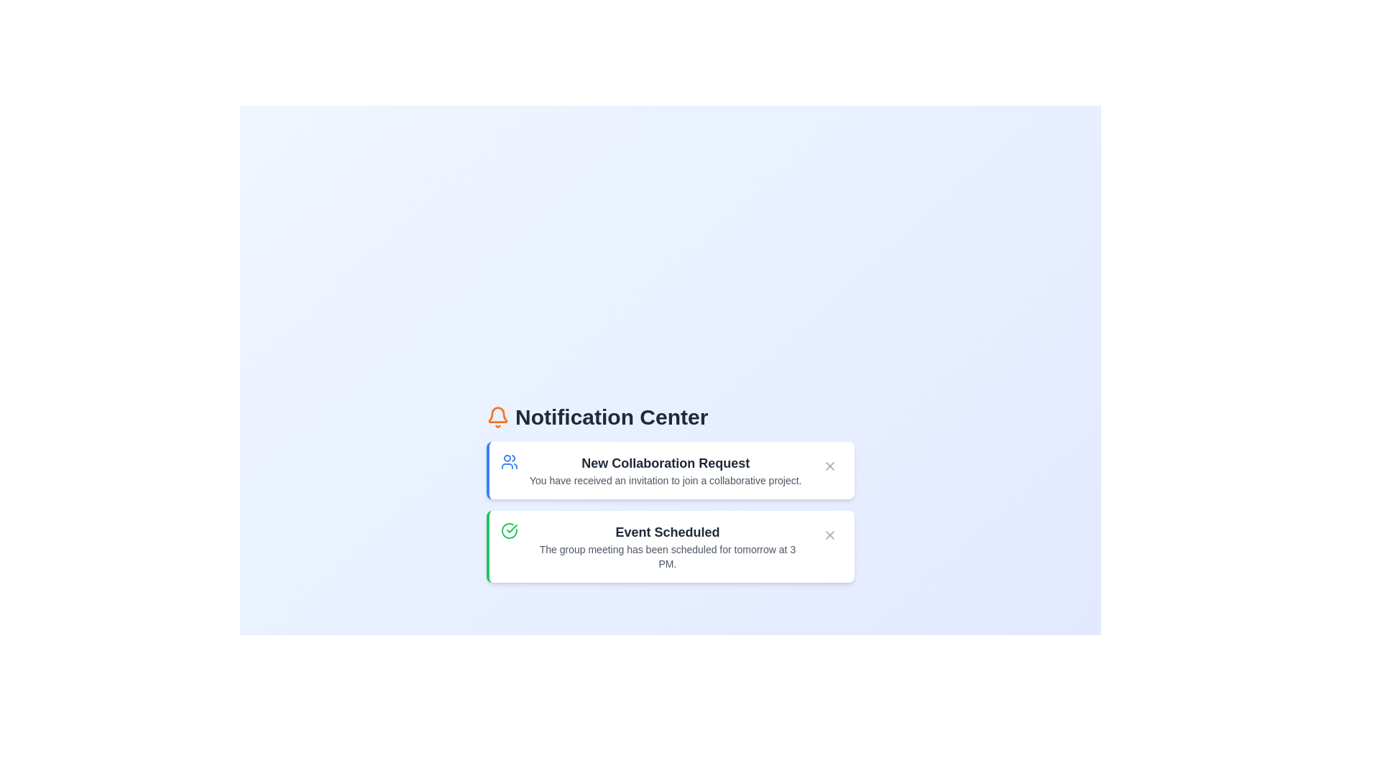 Image resolution: width=1380 pixels, height=776 pixels. I want to click on the 'X' icon in the top-right corner of the 'New Collaboration Request' notification card, so click(830, 466).